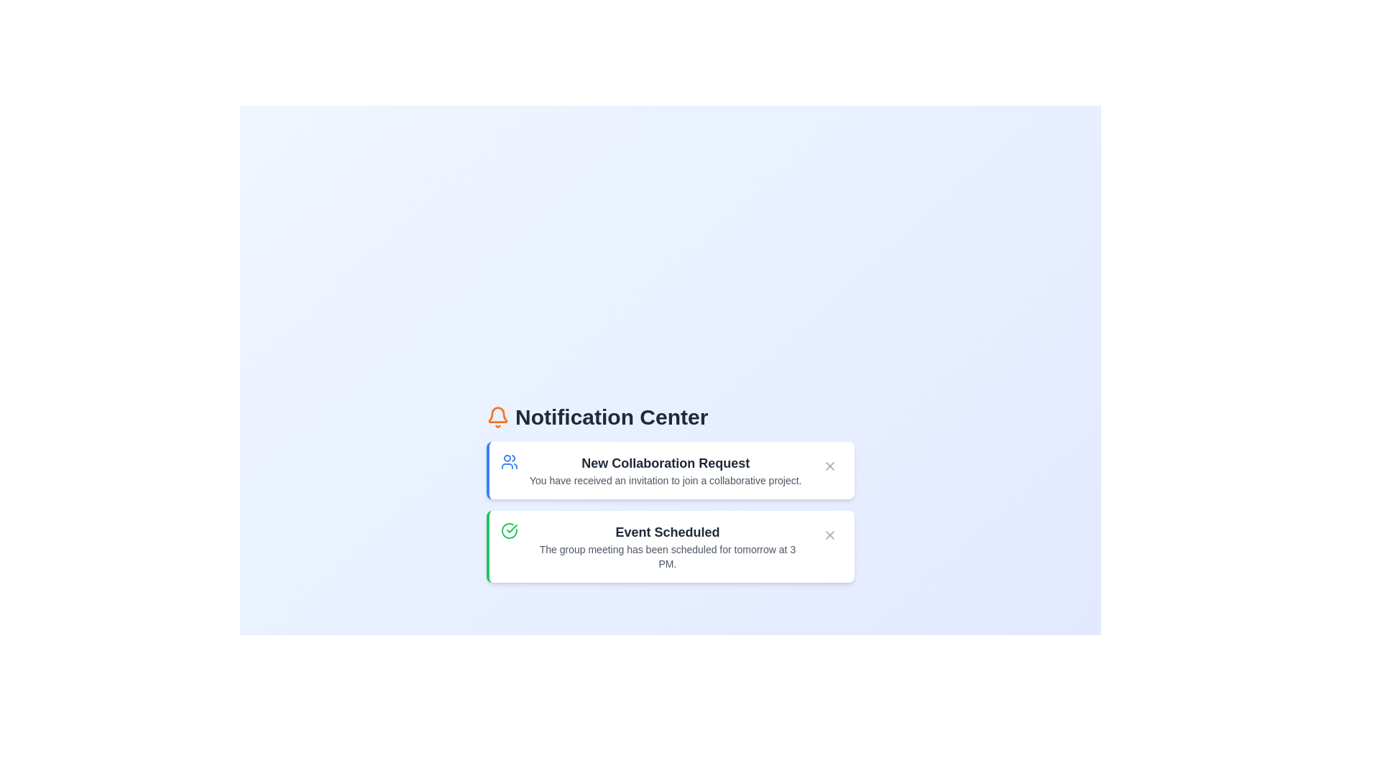 Image resolution: width=1380 pixels, height=776 pixels. I want to click on the 'X' icon in the top-right corner of the 'New Collaboration Request' notification card, so click(830, 466).